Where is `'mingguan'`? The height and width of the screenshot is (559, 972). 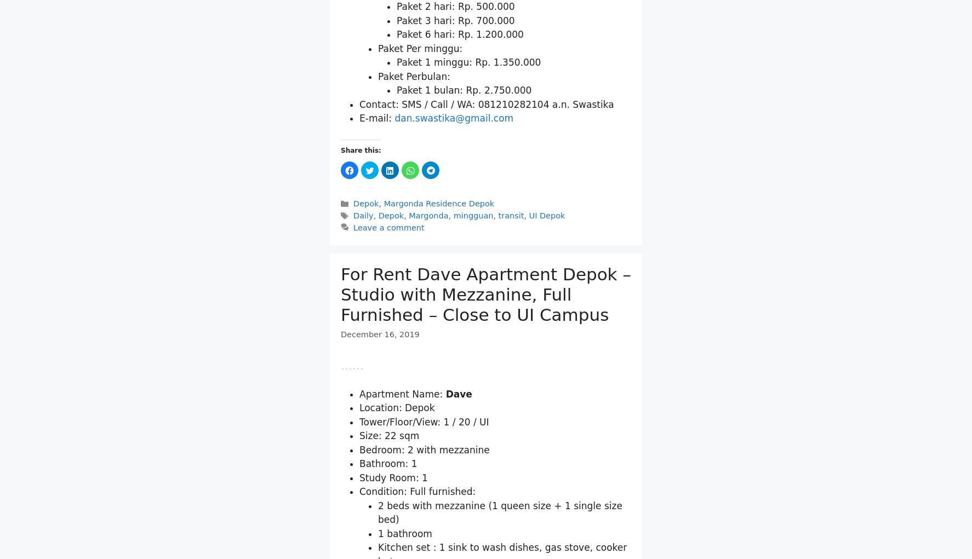
'mingguan' is located at coordinates (473, 343).